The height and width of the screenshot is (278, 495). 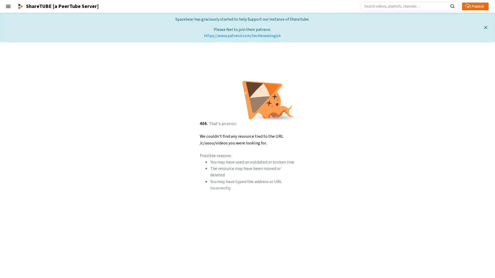 I want to click on Interface: English, so click(x=19, y=254).